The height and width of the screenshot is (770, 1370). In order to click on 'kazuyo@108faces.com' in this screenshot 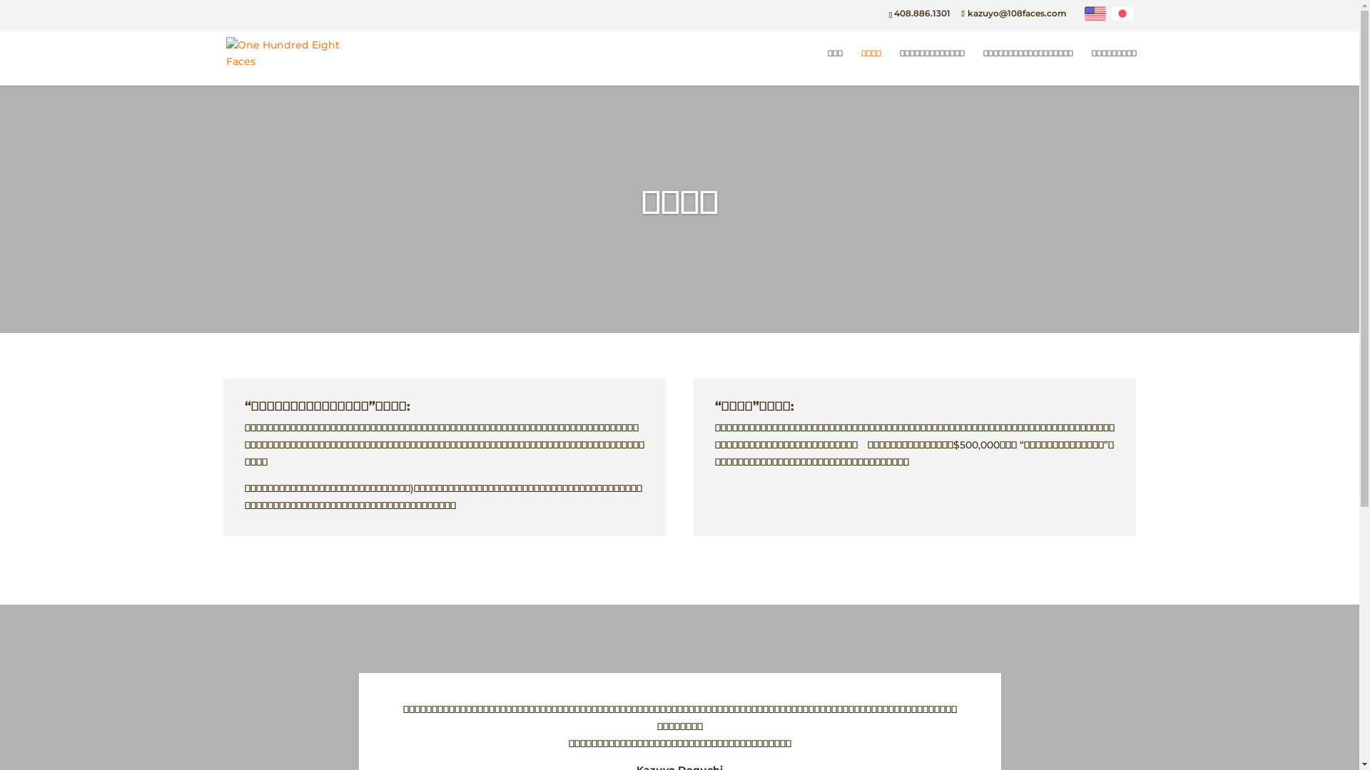, I will do `click(1013, 13)`.